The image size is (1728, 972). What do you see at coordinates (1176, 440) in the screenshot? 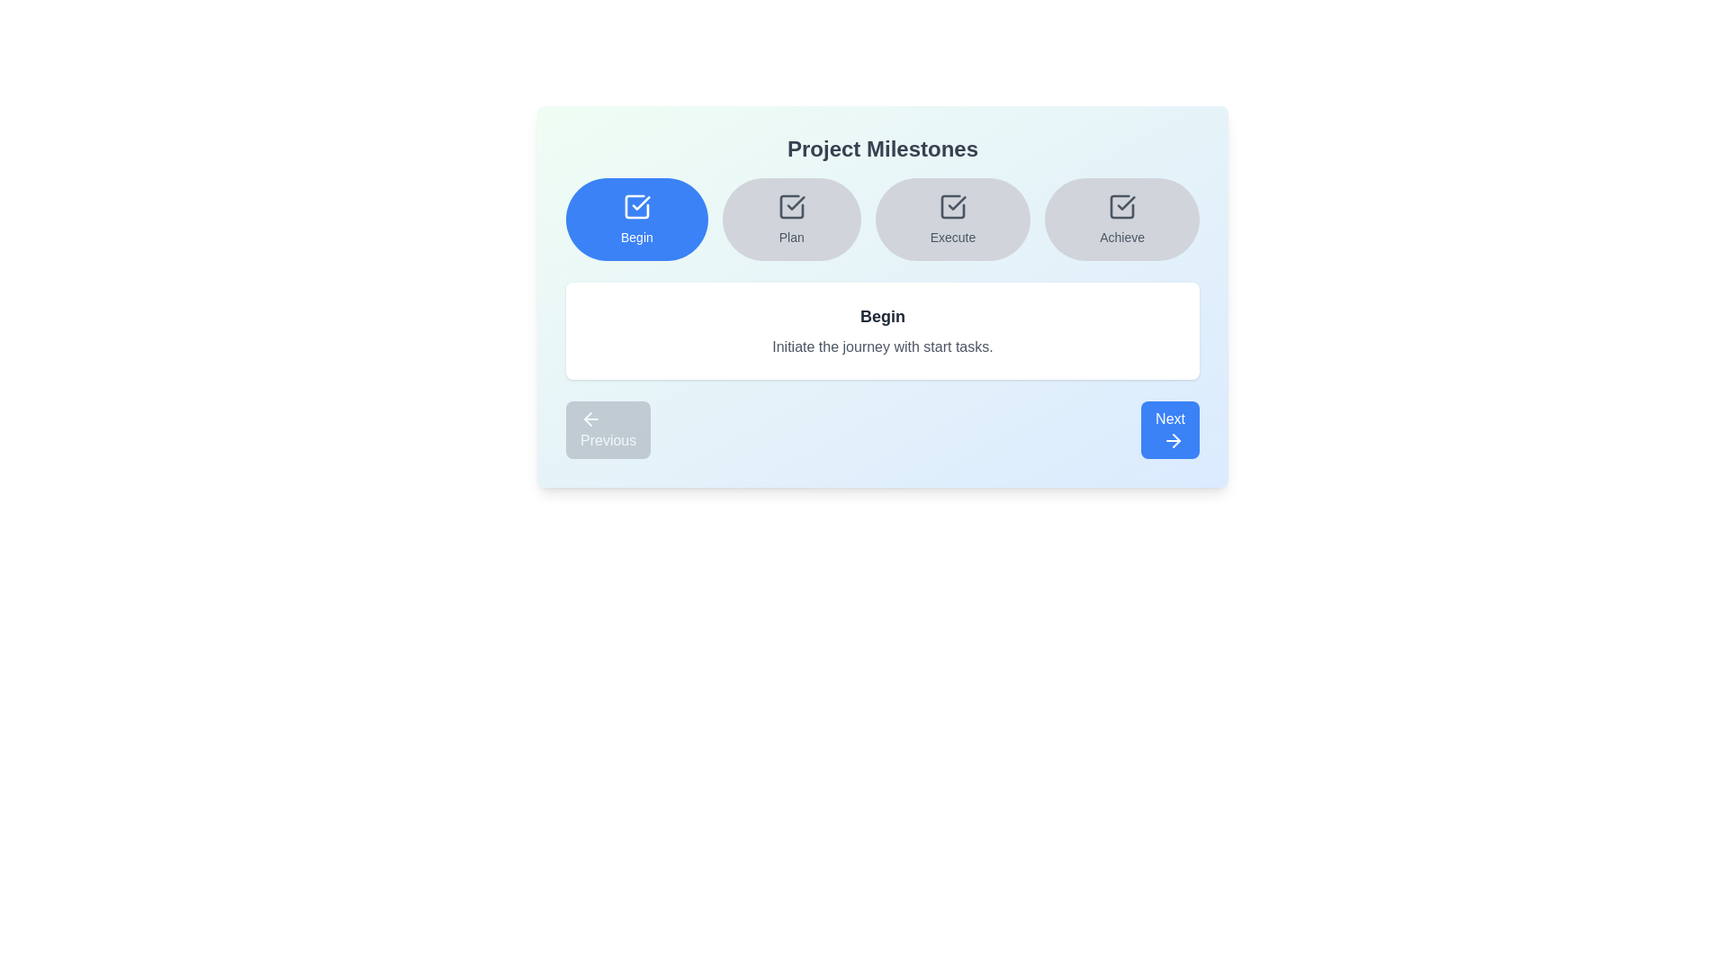
I see `the forward action icon located within the 'Next' button, situated at the rightmost part of the button` at bounding box center [1176, 440].